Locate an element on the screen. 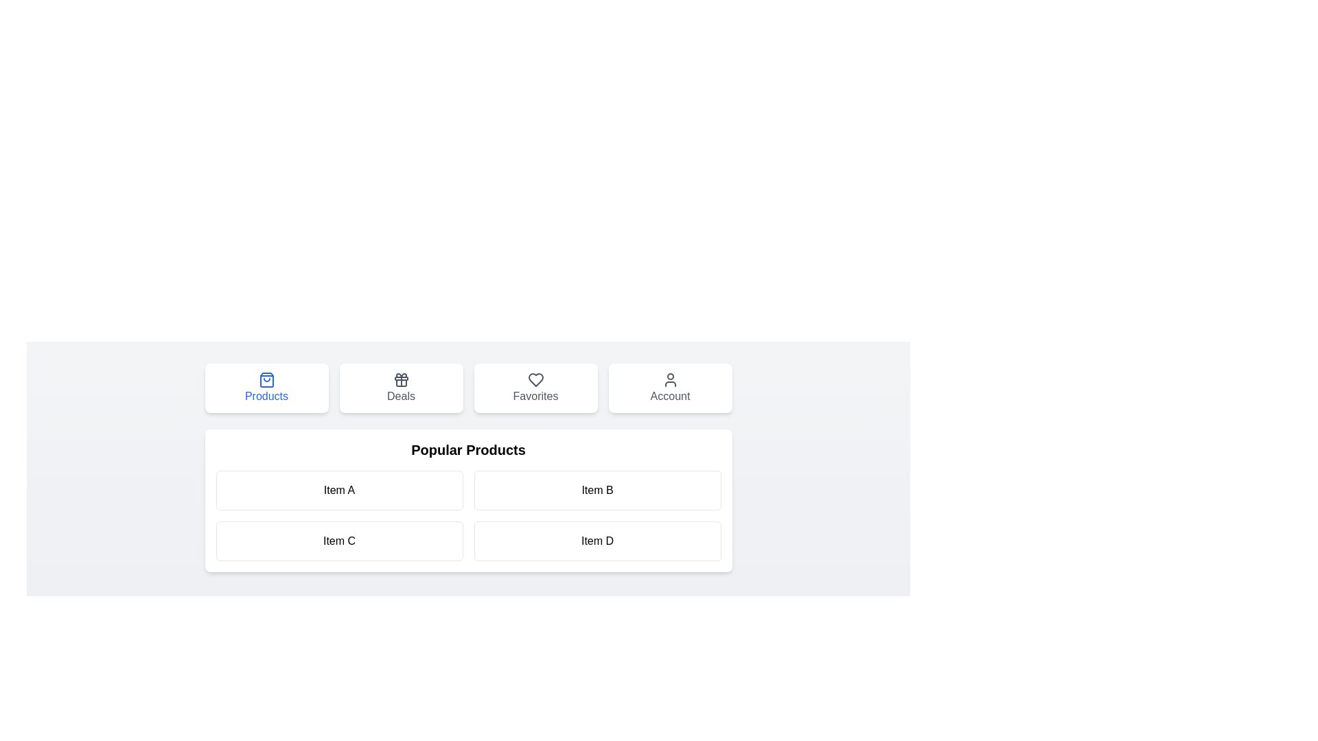 This screenshot has width=1318, height=741. the tab labeled Deals is located at coordinates (400, 388).